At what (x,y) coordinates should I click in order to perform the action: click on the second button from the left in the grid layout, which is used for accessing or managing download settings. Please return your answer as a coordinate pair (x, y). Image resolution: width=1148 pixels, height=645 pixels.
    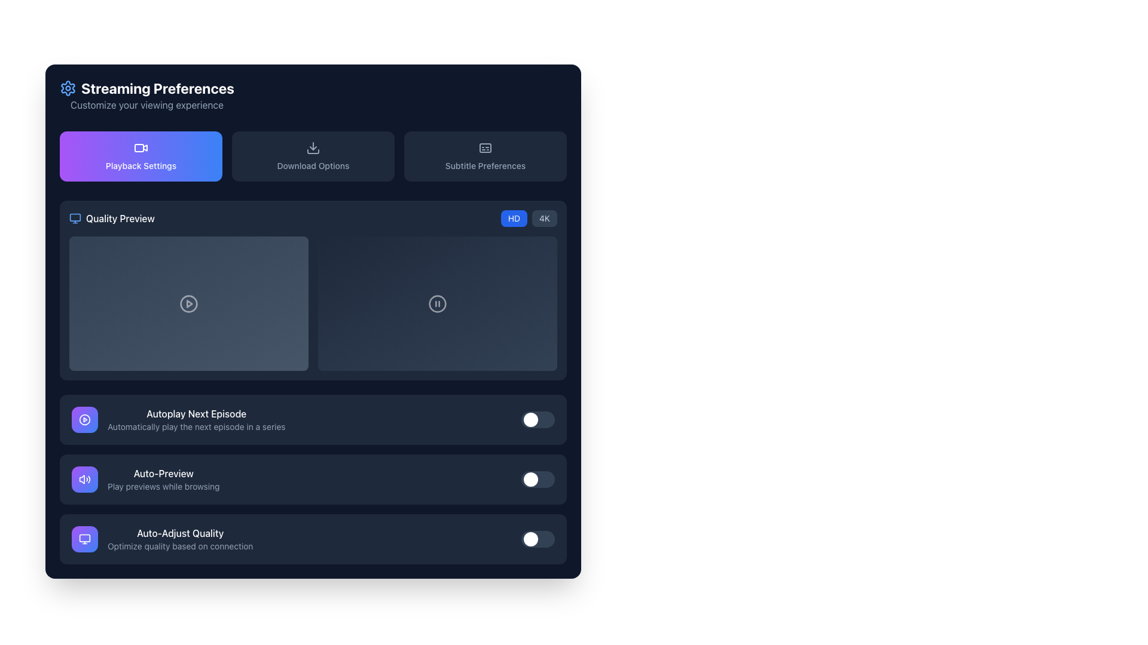
    Looking at the image, I should click on (313, 156).